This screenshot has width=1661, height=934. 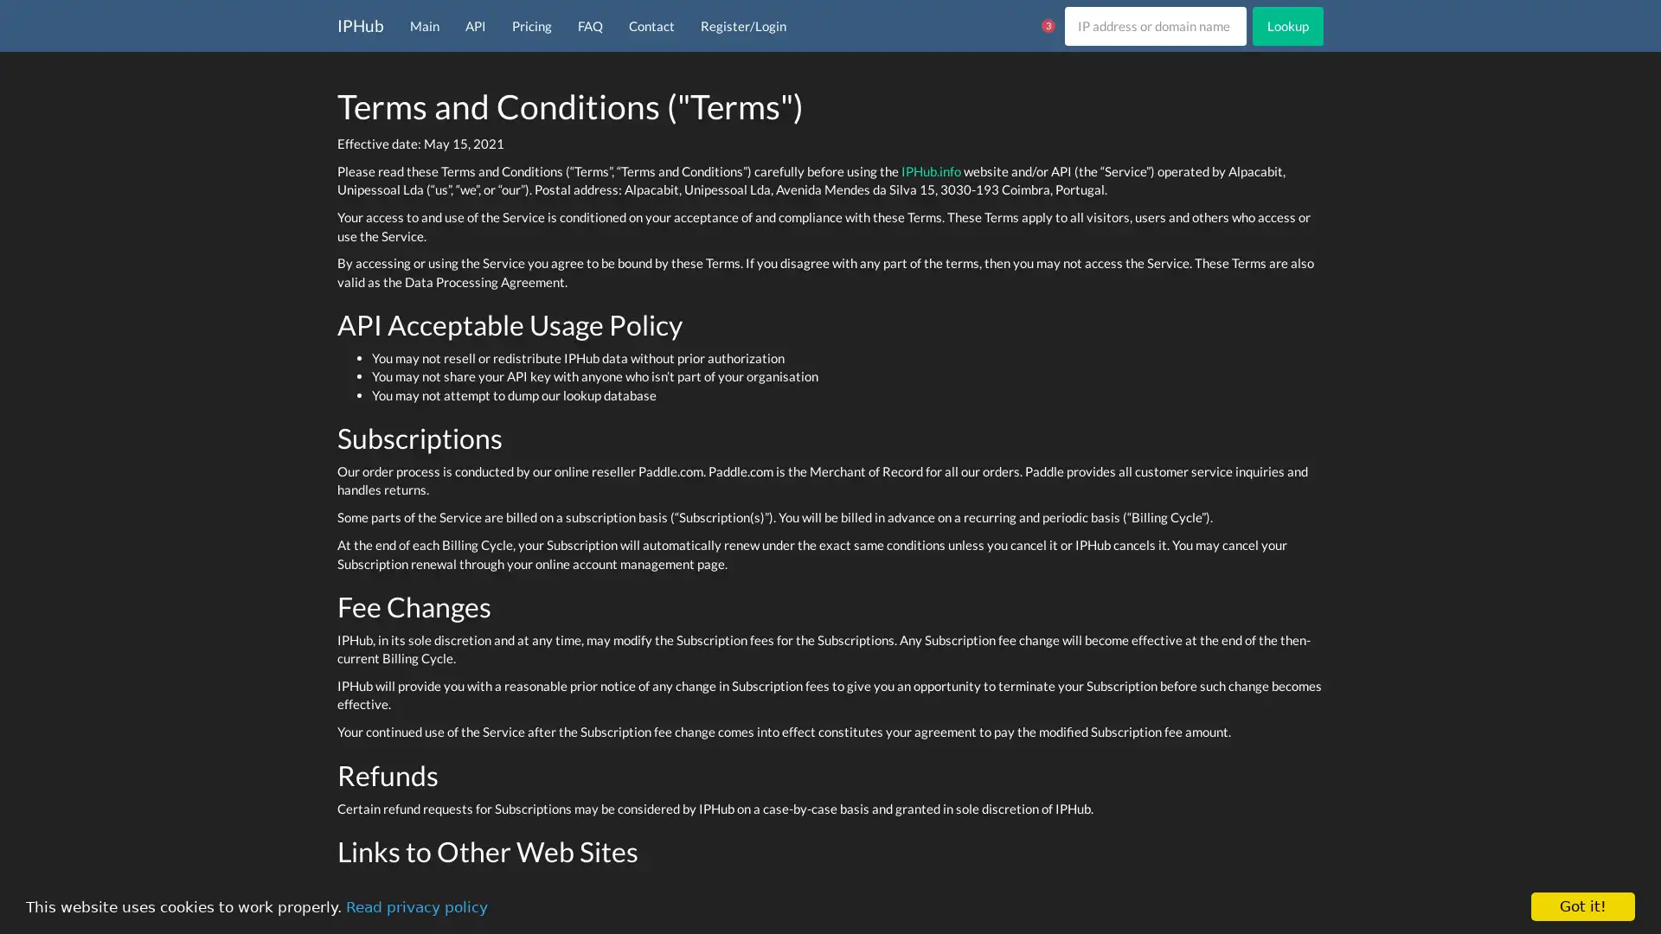 I want to click on Lookup, so click(x=1287, y=25).